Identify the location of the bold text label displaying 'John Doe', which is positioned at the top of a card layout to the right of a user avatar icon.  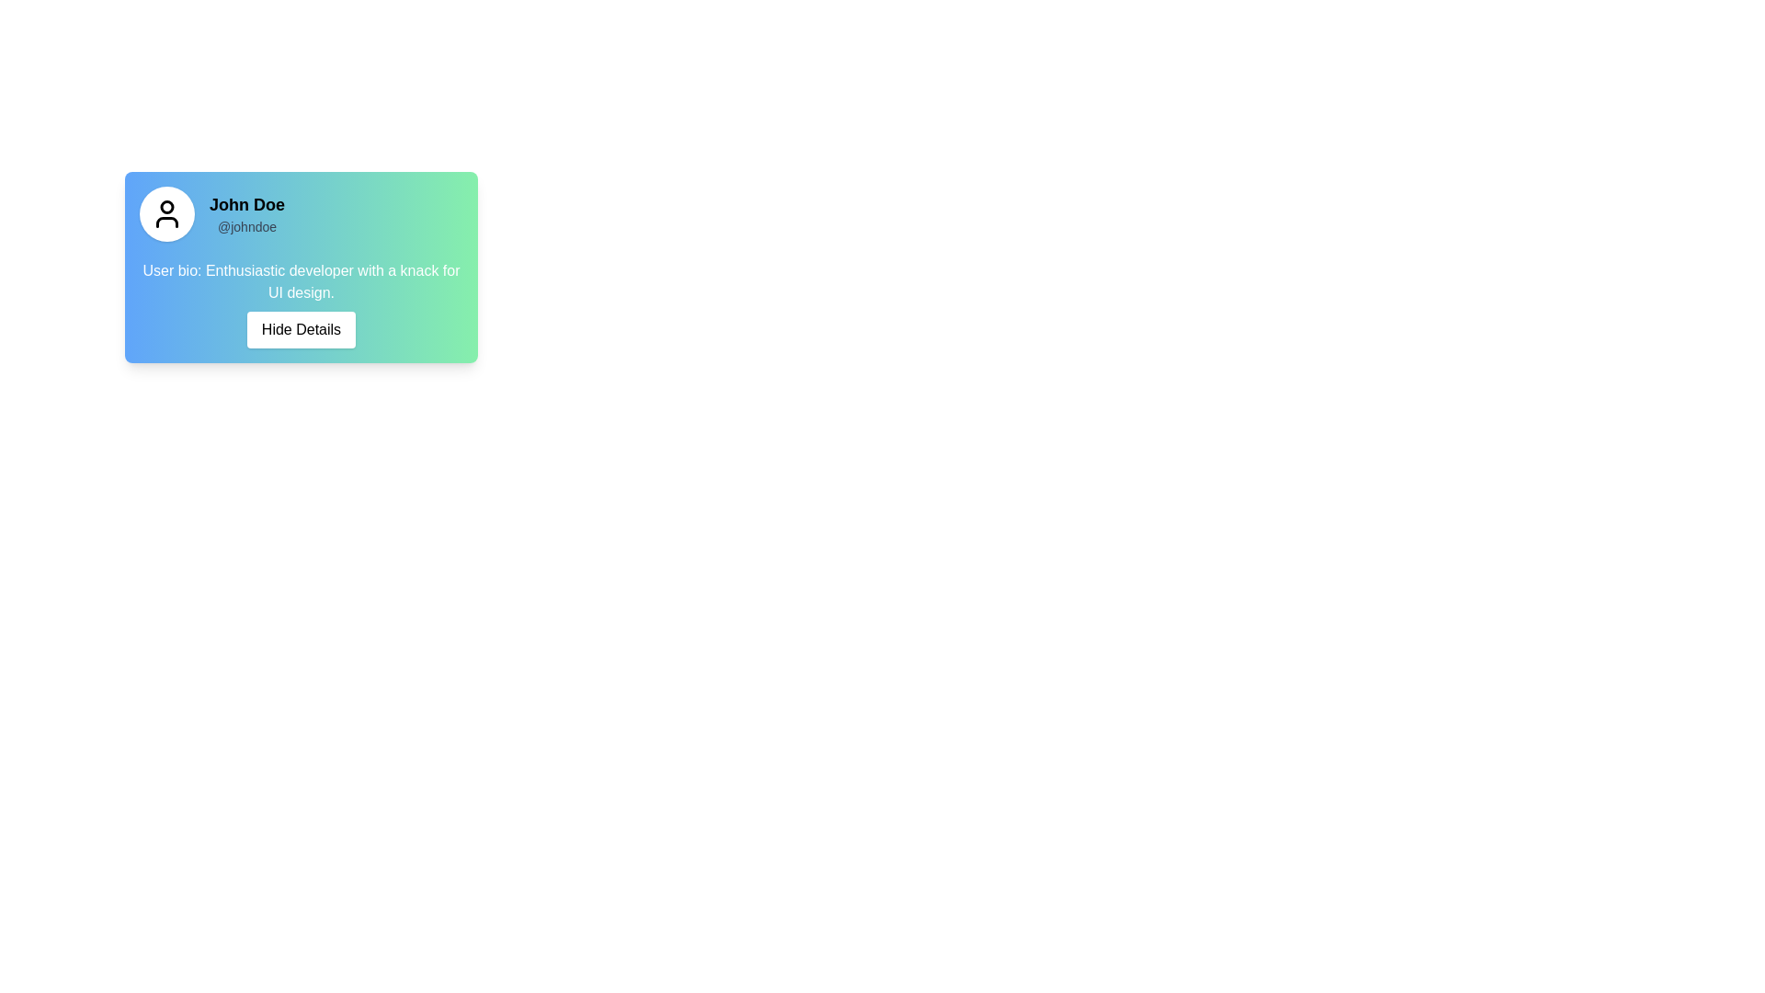
(245, 205).